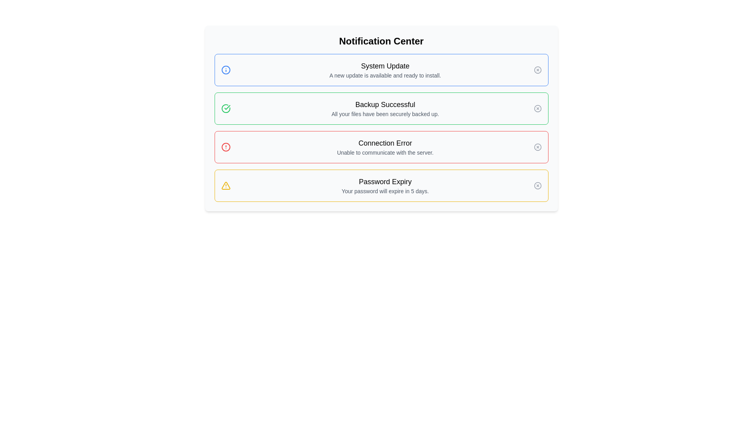  Describe the element at coordinates (385, 66) in the screenshot. I see `text label that displays 'System Update', which is prominently positioned at the top-left of the Notification Center interface` at that location.